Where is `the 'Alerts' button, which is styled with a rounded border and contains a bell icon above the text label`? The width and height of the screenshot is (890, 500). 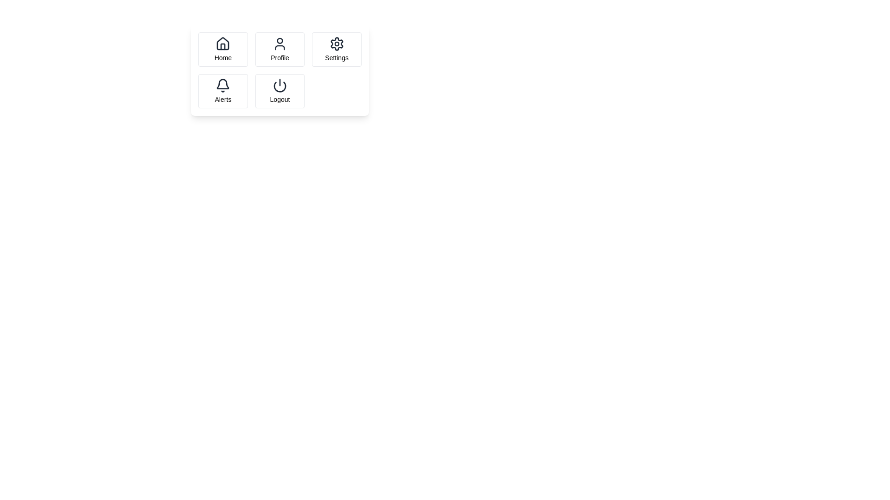
the 'Alerts' button, which is styled with a rounded border and contains a bell icon above the text label is located at coordinates (223, 91).